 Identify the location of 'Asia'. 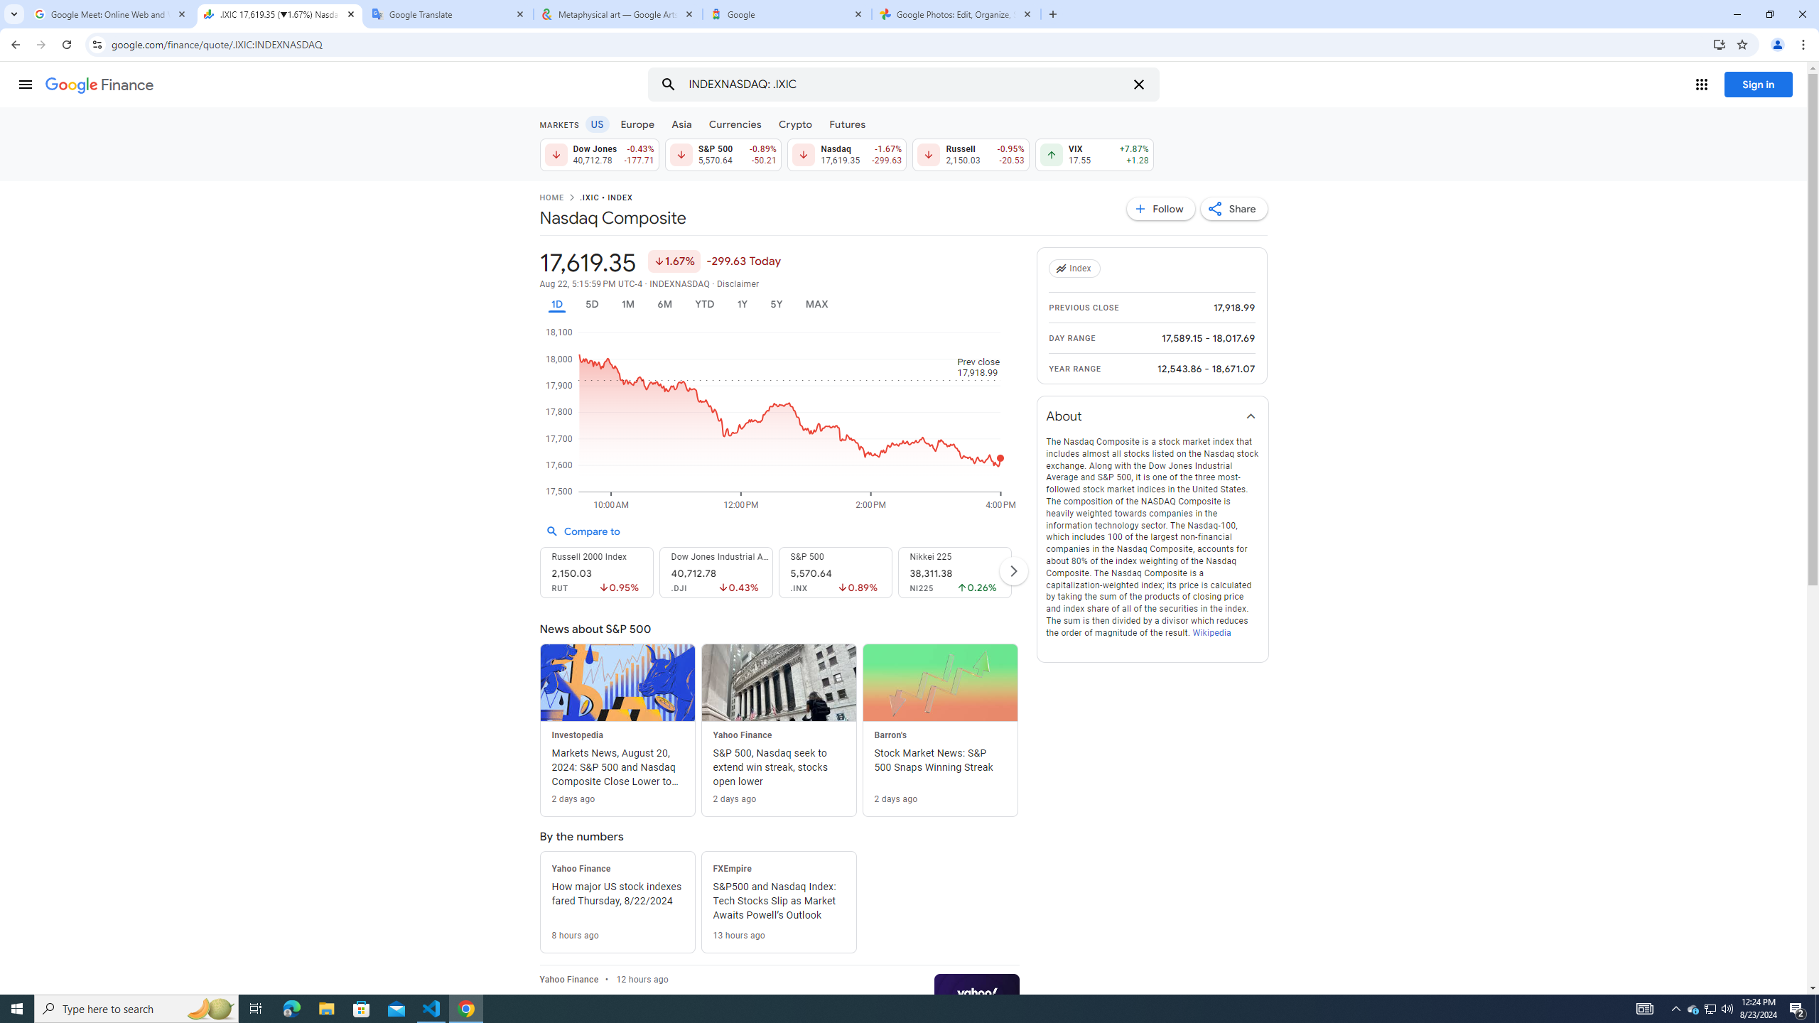
(681, 123).